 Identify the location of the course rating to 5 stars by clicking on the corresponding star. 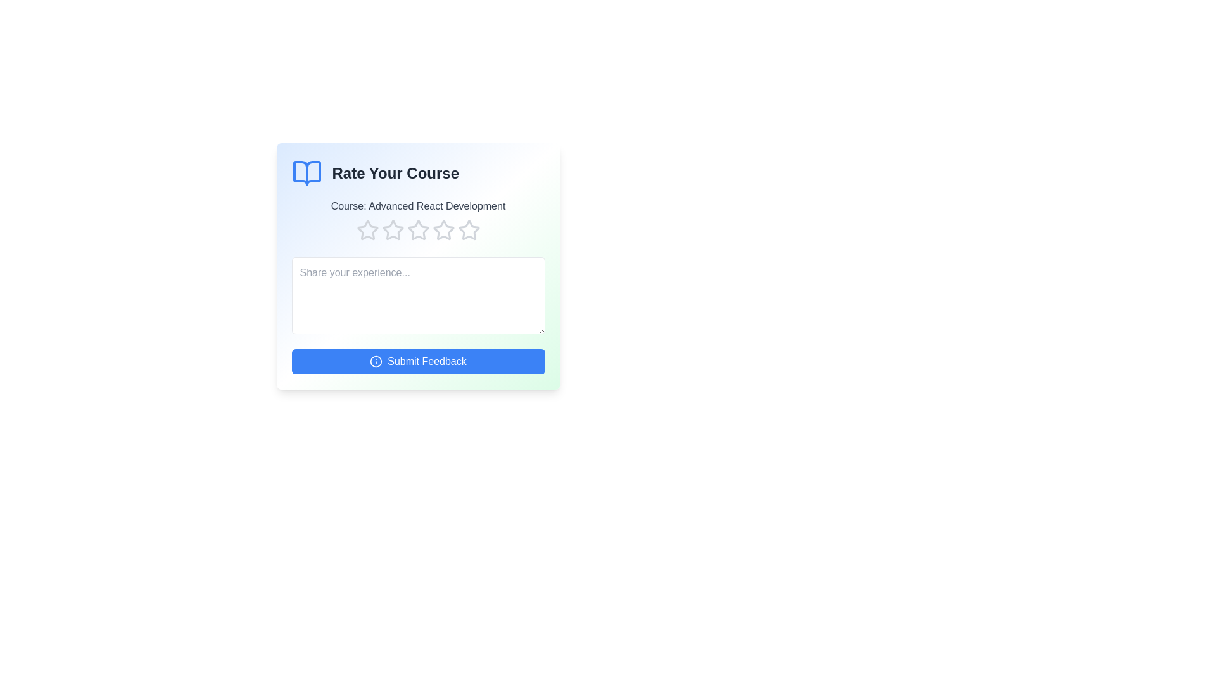
(468, 230).